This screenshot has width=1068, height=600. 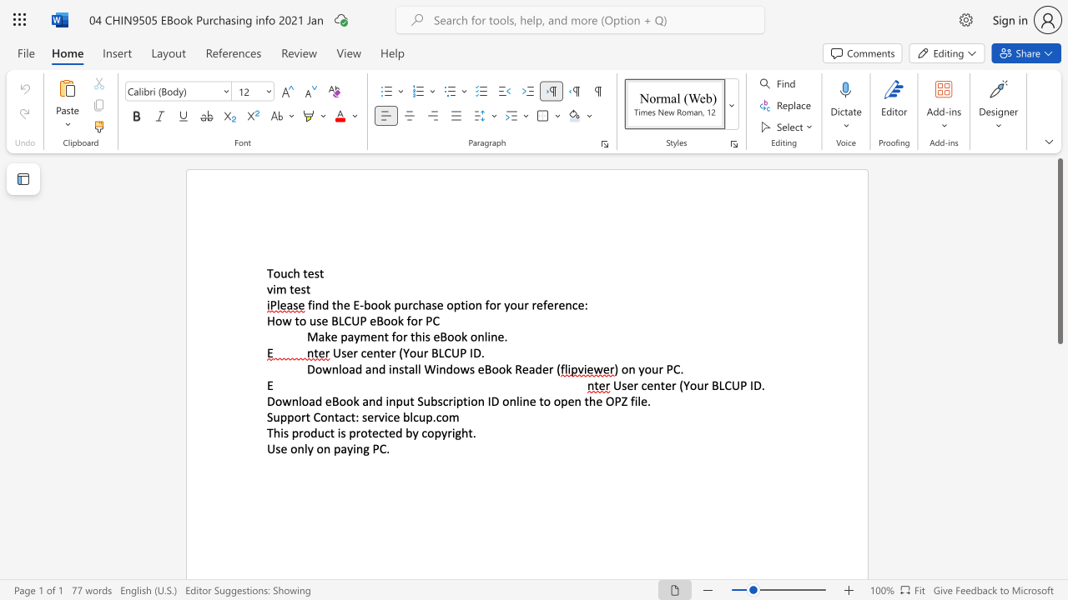 I want to click on the subset text "This product is pro" within the text "This product is protected by copyright.", so click(x=267, y=432).